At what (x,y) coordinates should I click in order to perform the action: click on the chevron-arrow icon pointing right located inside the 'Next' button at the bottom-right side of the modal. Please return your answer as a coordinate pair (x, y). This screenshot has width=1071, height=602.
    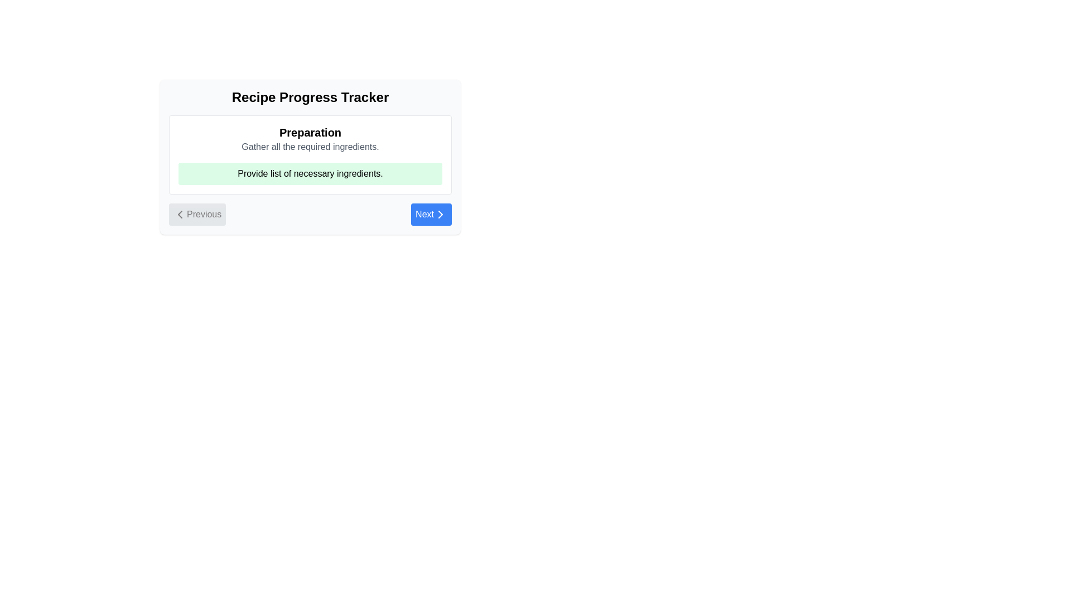
    Looking at the image, I should click on (440, 215).